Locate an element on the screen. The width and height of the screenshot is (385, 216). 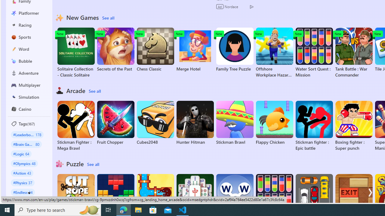
'Offshore Workplace Hazard Game' is located at coordinates (274, 52).